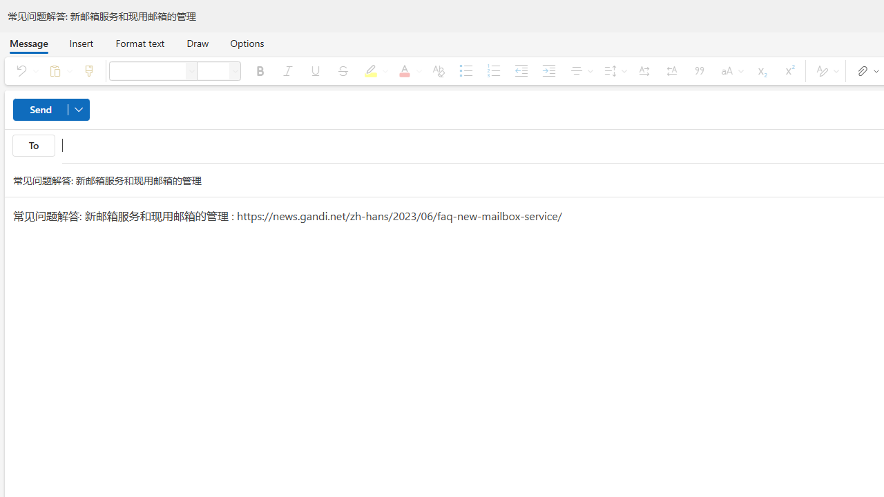 The image size is (884, 497). What do you see at coordinates (260, 70) in the screenshot?
I see `'Bold'` at bounding box center [260, 70].